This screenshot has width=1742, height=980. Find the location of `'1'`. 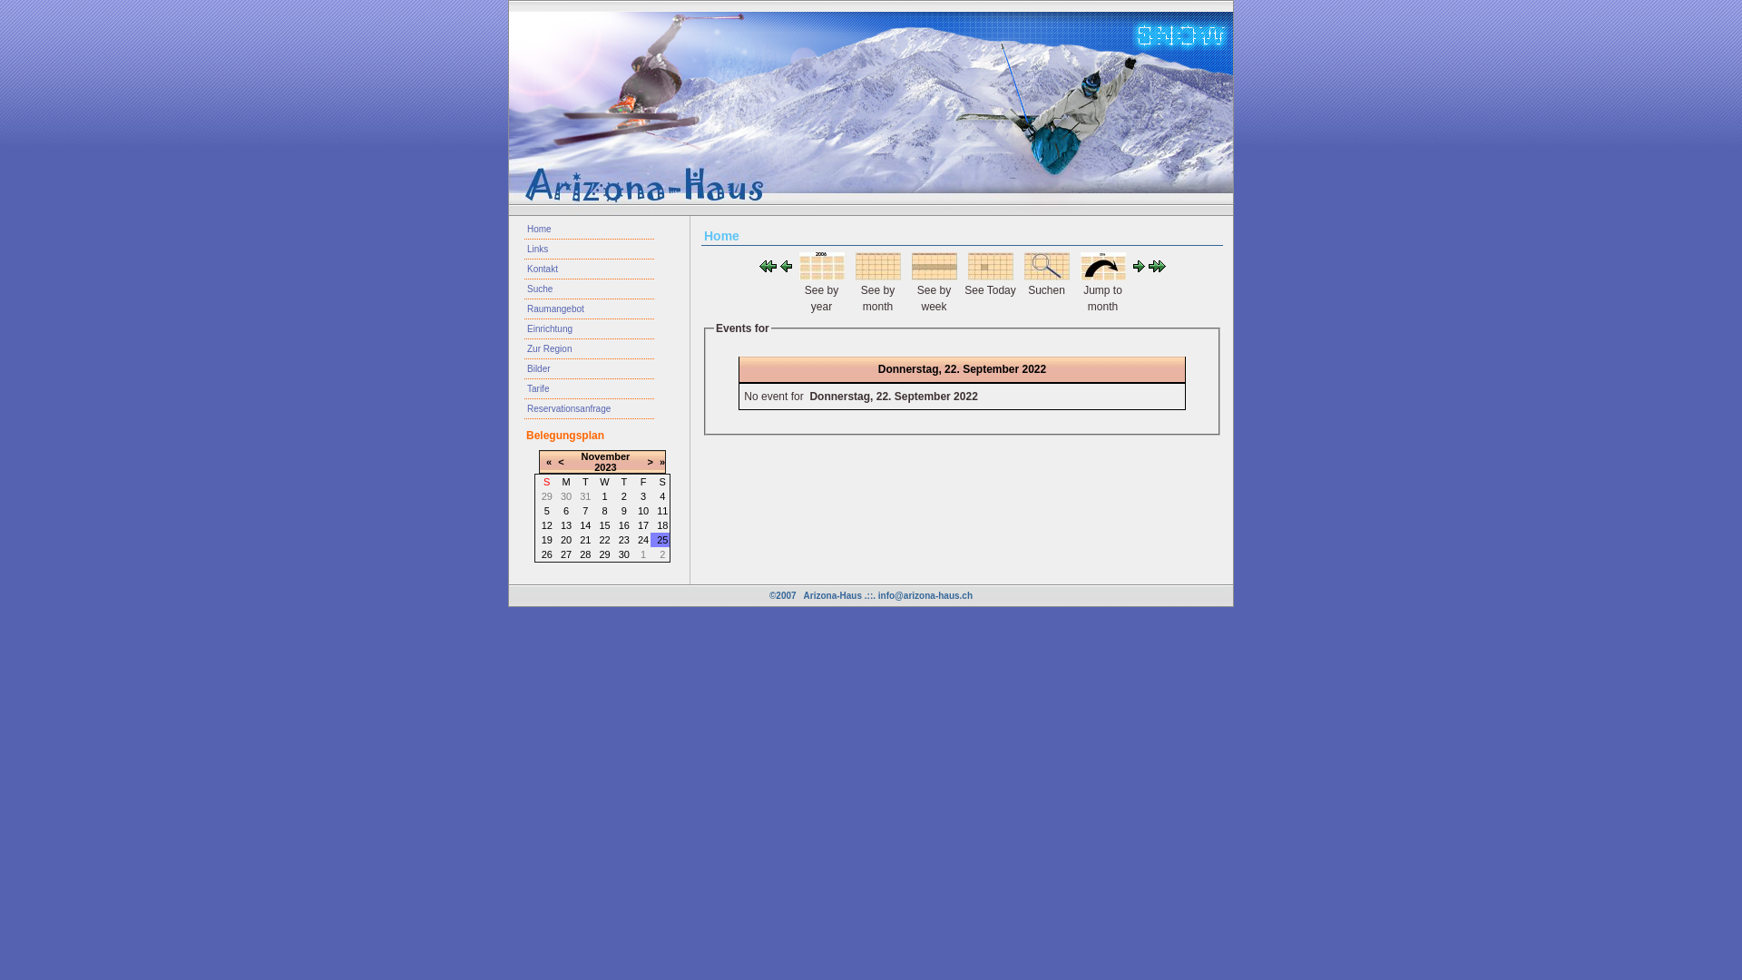

'1' is located at coordinates (604, 496).